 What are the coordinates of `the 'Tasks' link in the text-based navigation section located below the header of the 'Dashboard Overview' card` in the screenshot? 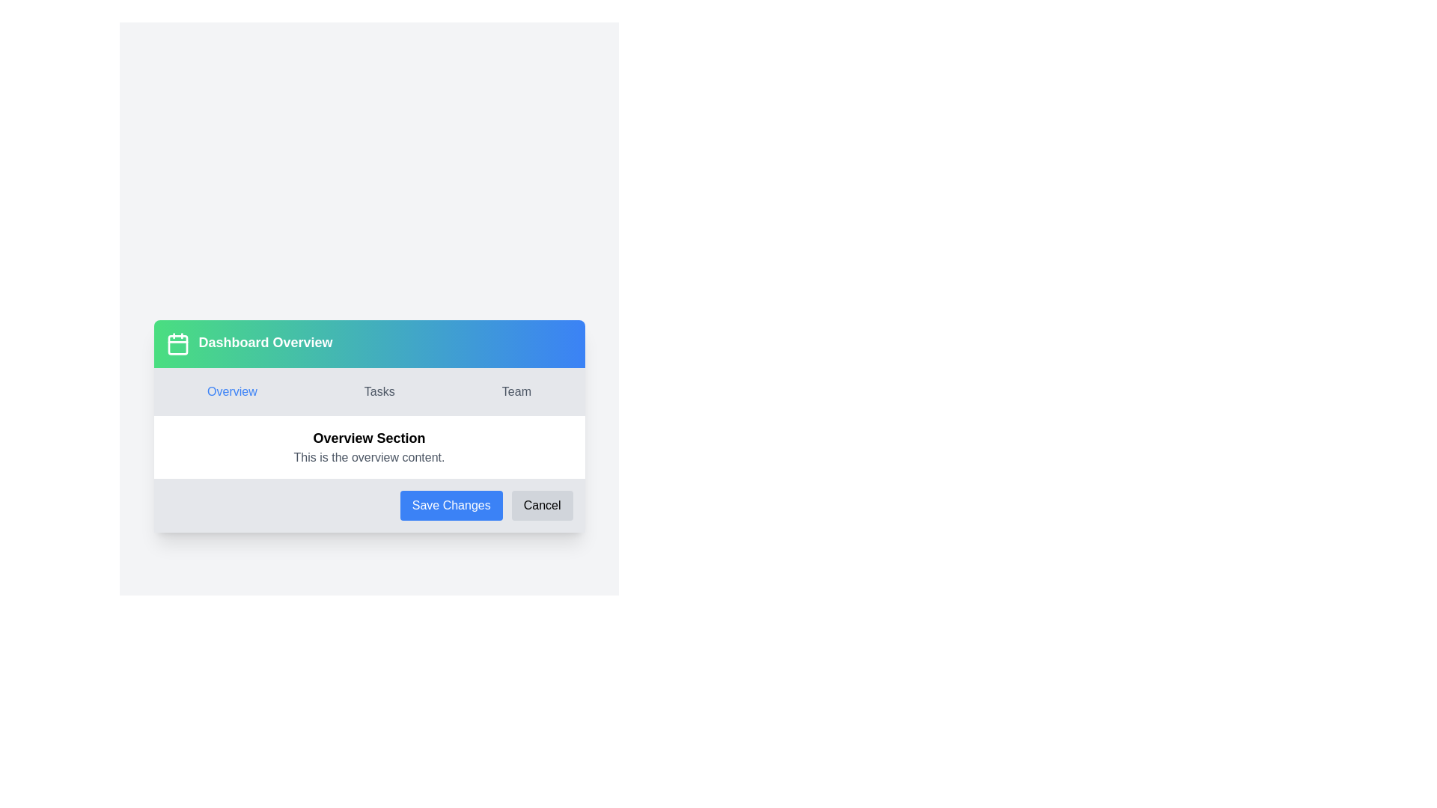 It's located at (369, 391).